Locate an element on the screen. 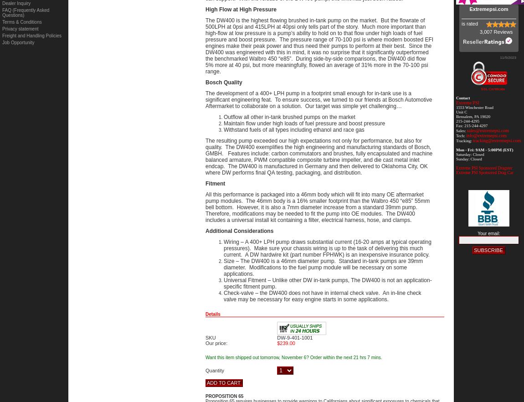 This screenshot has height=402, width=524. 'Want this item shipped out tomorrow, November 6? Order within the next 21 hrs 7 mins.' is located at coordinates (293, 357).